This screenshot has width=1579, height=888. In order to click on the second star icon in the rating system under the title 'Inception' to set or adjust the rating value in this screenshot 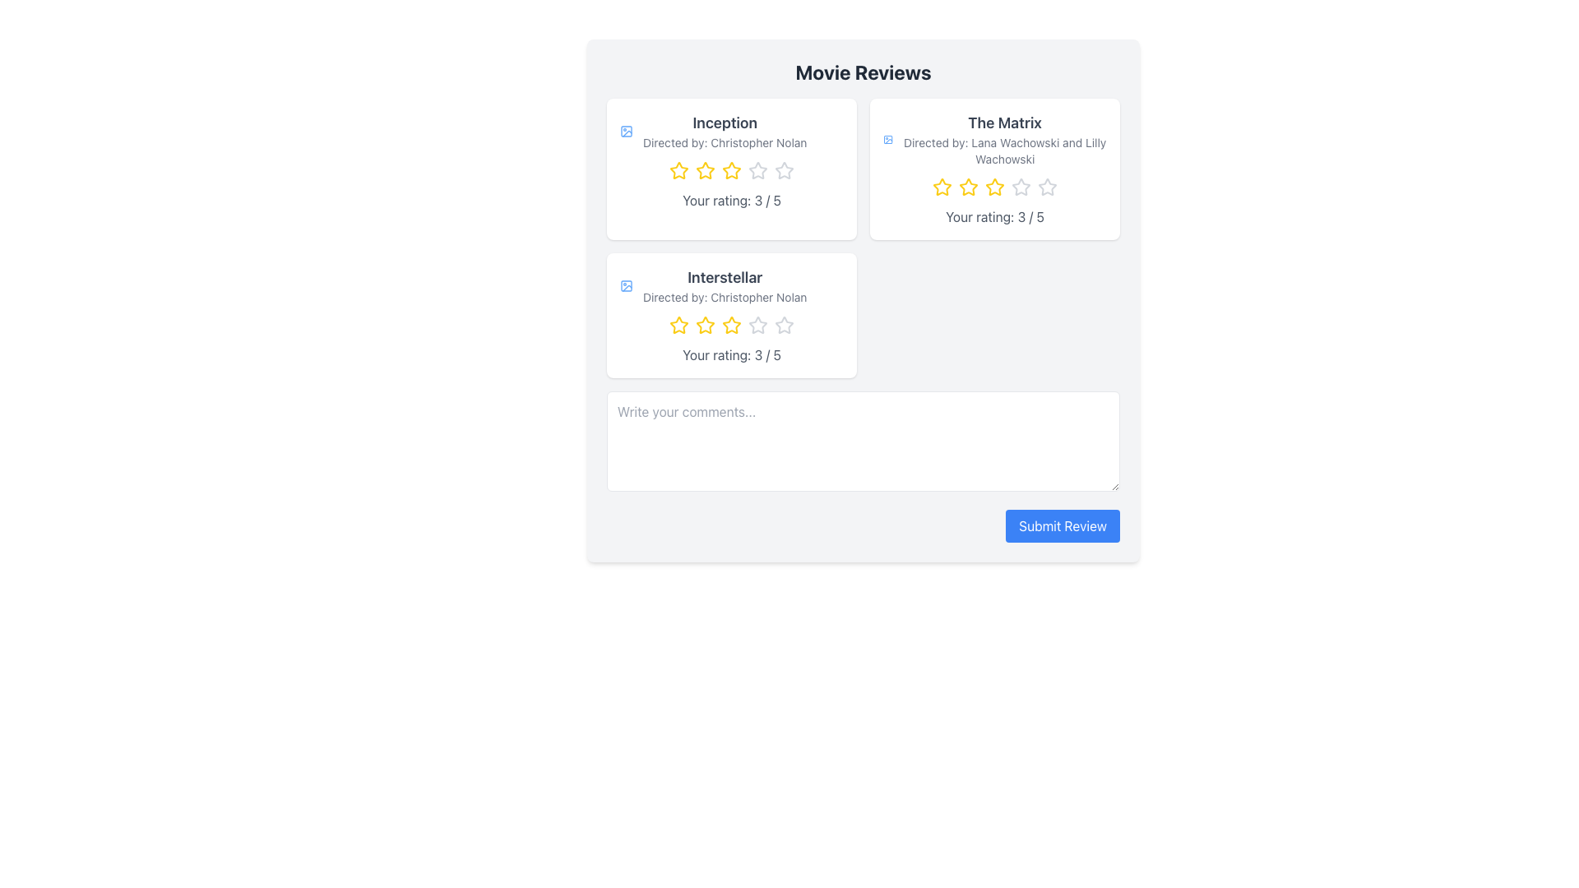, I will do `click(706, 171)`.